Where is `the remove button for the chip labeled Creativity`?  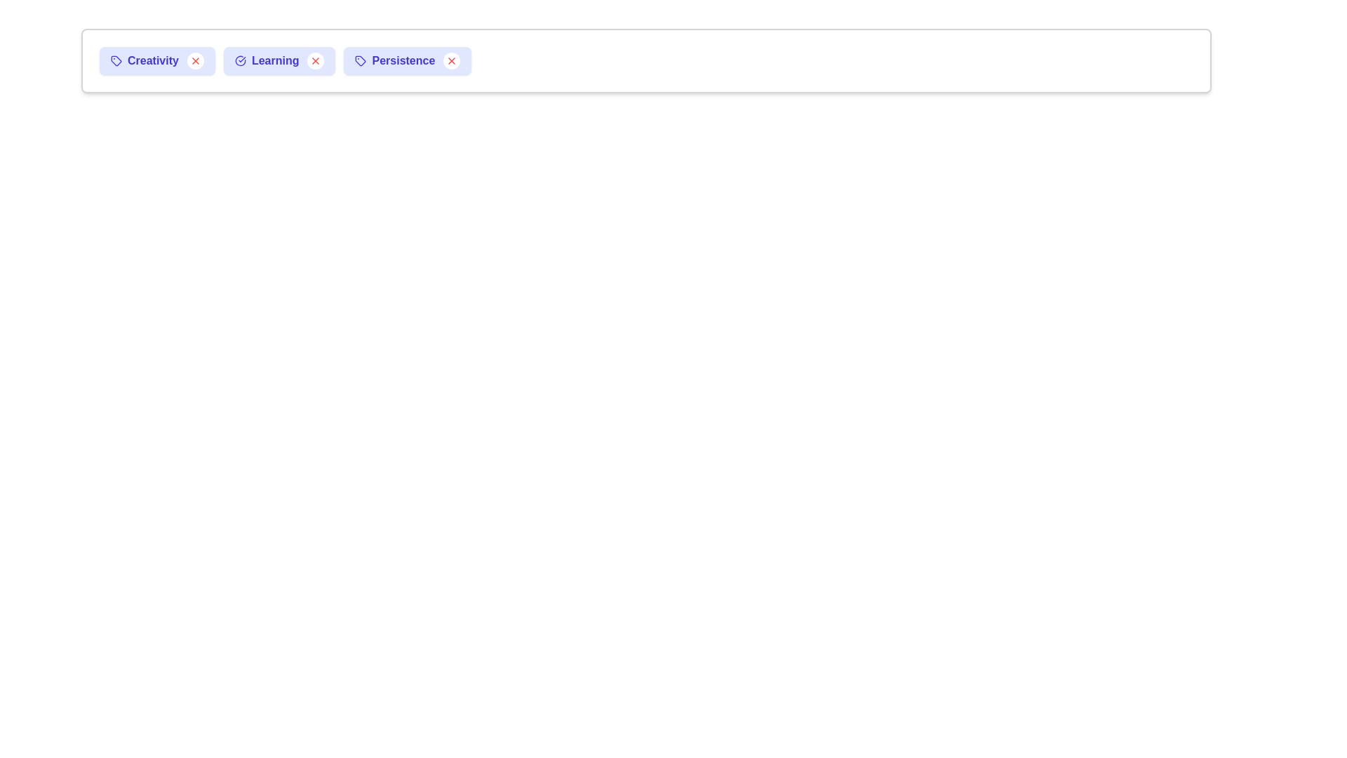 the remove button for the chip labeled Creativity is located at coordinates (194, 60).